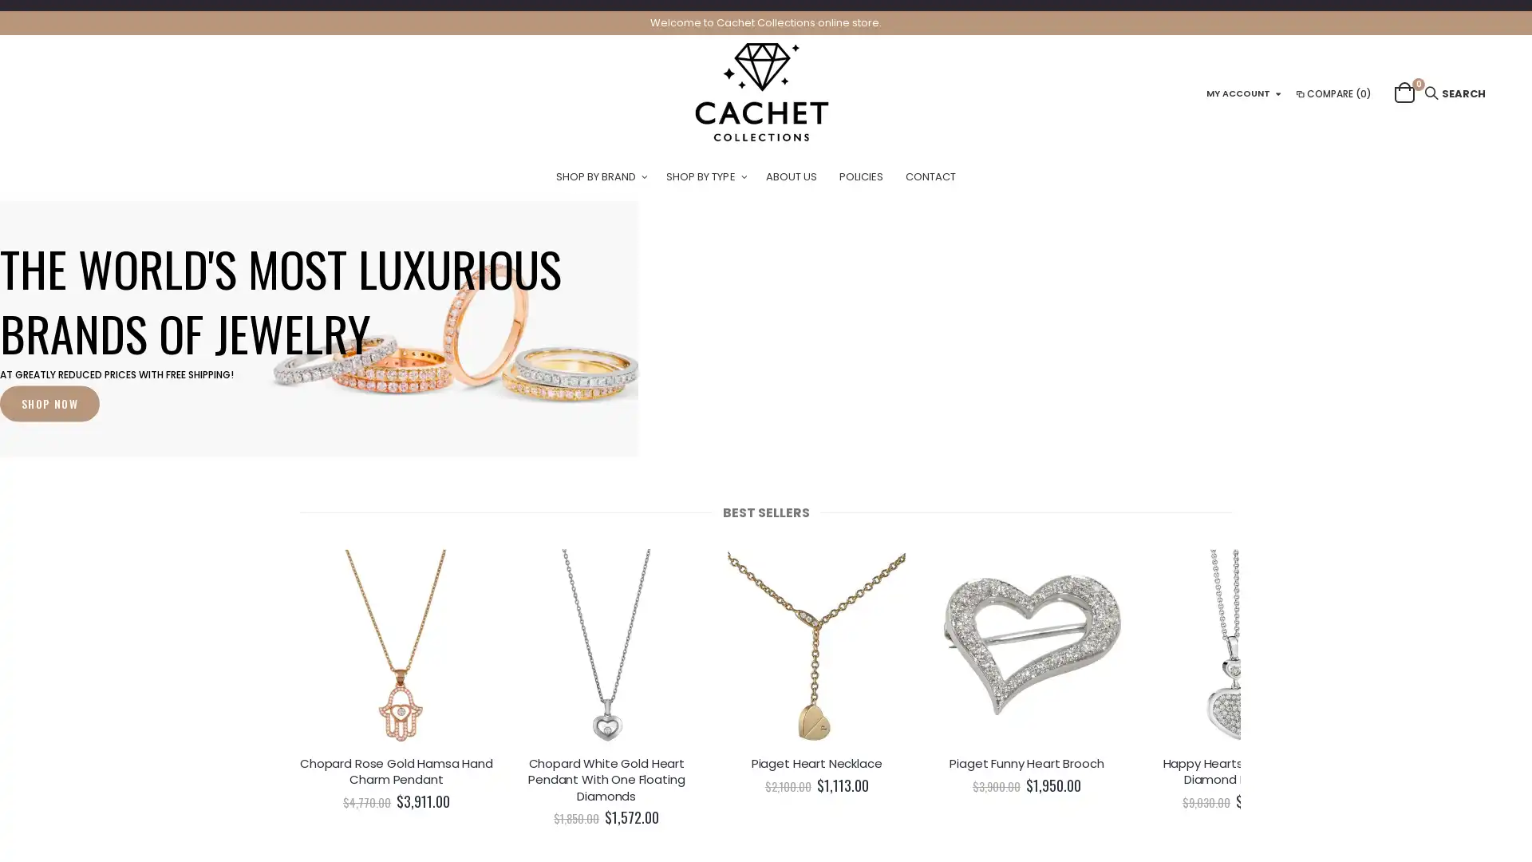 This screenshot has height=862, width=1532. I want to click on Send a message, so click(1448, 819).